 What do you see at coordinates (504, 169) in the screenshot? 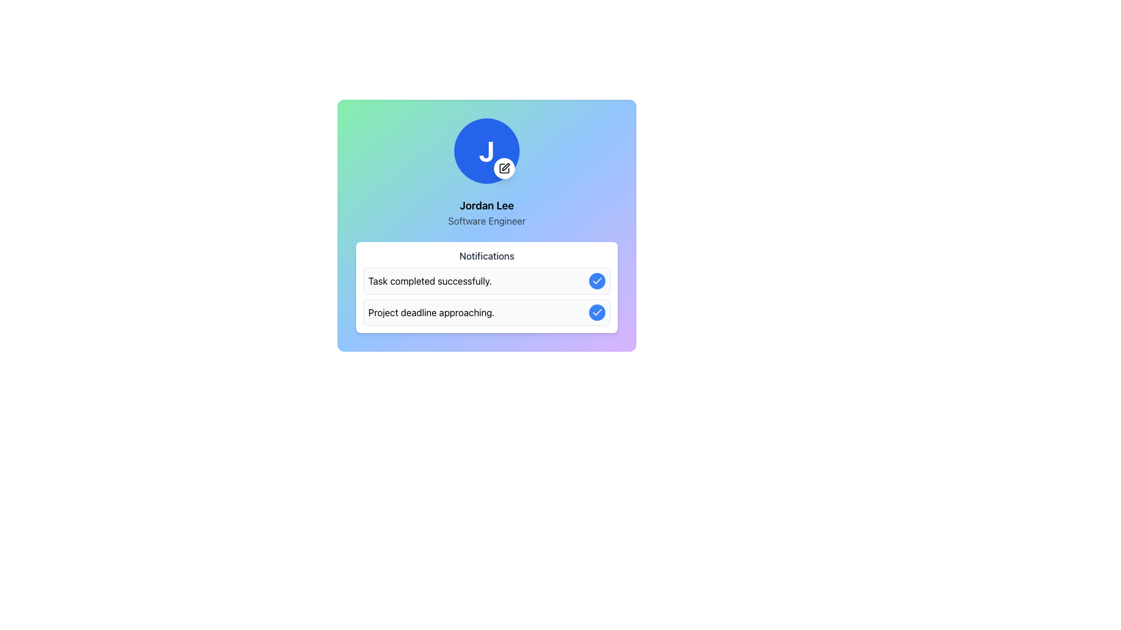
I see `the small vector graphic icon resembling a pen, which is centered within a circular button located in the bottom-right corner of the interface` at bounding box center [504, 169].